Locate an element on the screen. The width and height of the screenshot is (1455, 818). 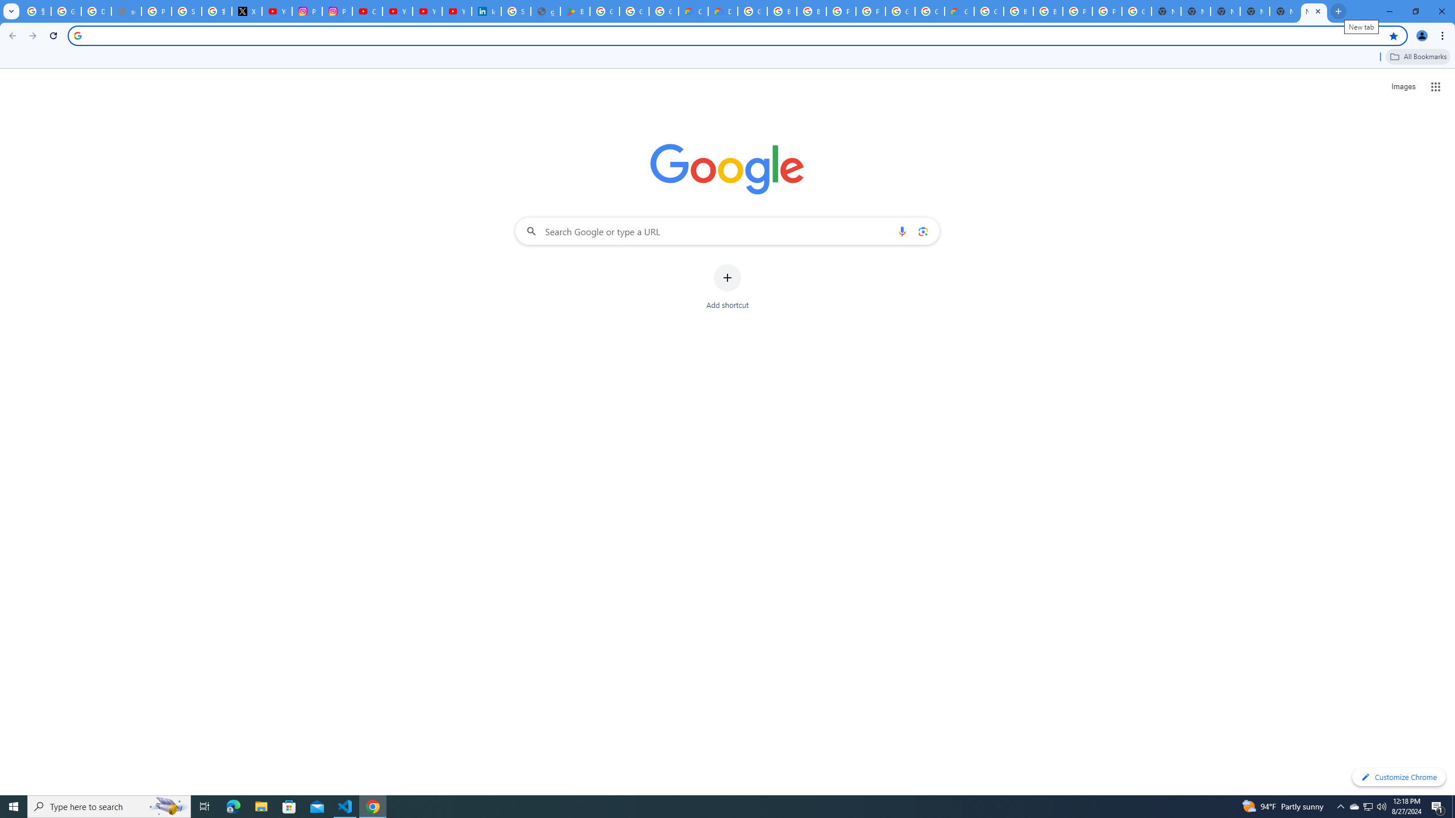
'Search by voice' is located at coordinates (901, 230).